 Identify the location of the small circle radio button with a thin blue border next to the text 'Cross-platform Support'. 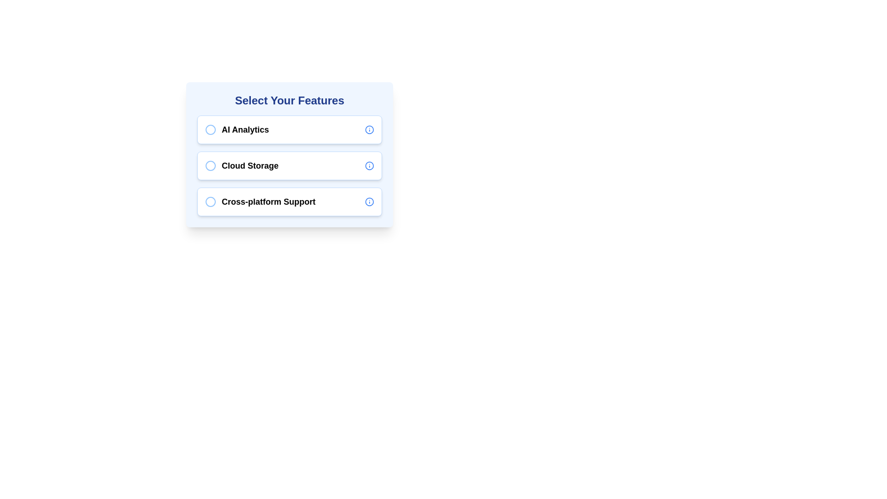
(210, 201).